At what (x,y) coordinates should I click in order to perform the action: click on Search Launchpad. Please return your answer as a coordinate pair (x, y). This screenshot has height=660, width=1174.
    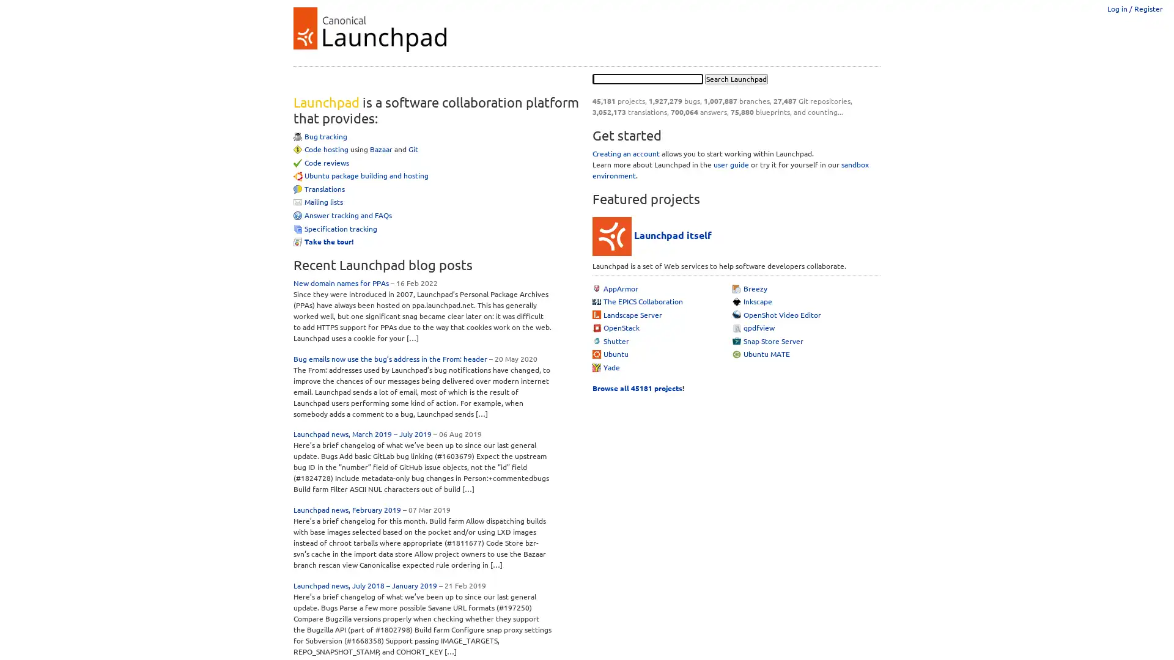
    Looking at the image, I should click on (735, 78).